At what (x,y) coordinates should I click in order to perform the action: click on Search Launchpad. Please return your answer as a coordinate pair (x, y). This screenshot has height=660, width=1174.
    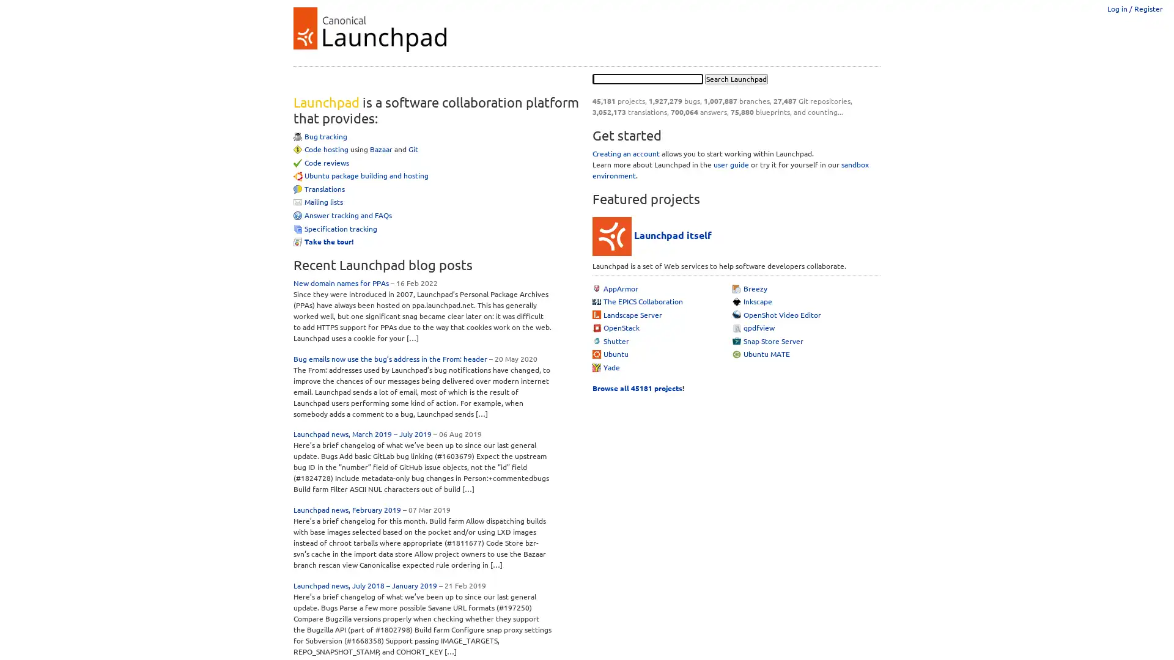
    Looking at the image, I should click on (735, 78).